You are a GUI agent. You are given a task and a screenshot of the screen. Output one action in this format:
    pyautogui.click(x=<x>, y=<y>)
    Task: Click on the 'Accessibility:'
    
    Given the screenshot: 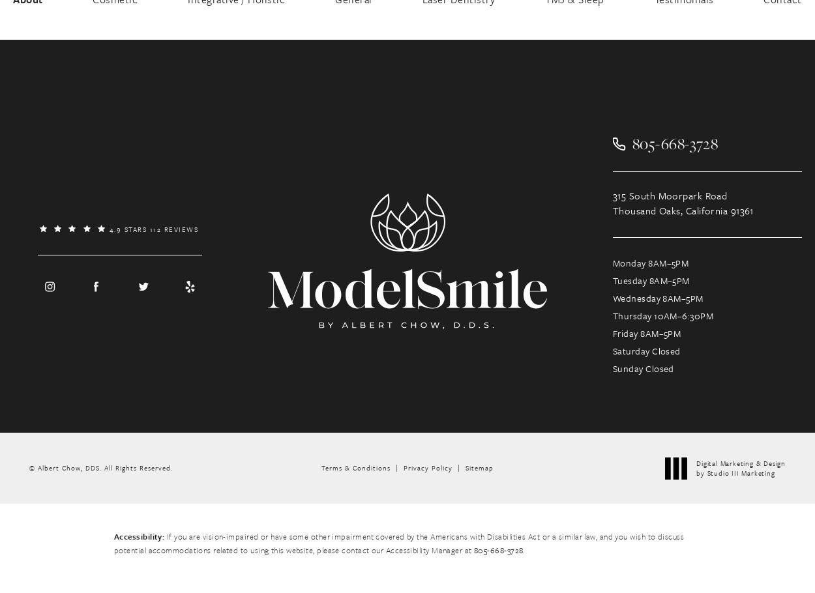 What is the action you would take?
    pyautogui.click(x=114, y=536)
    